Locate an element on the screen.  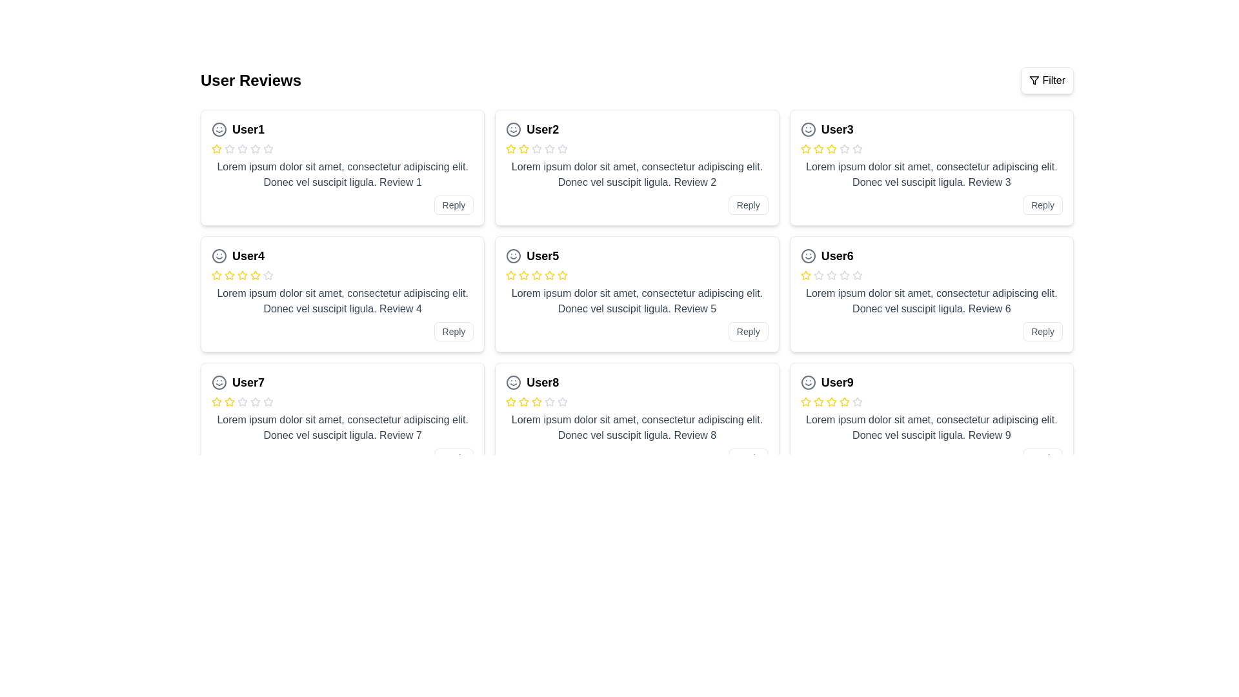
the circular graphical icon representing a smiling face associated with 'User3' in the review system is located at coordinates (807, 129).